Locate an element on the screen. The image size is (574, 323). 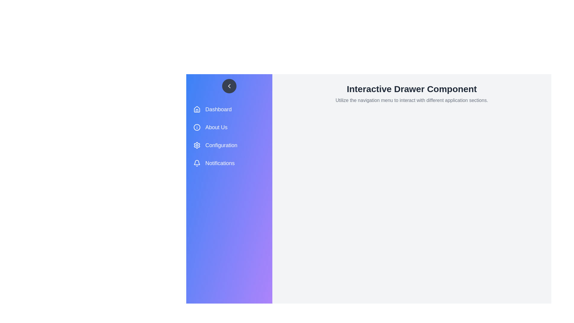
the bell icon located at the top-left corner of the 'Notifications' button in the left-hand navigation menu, which signifies notifications and is styled with a thin outline on a blue background is located at coordinates (197, 163).